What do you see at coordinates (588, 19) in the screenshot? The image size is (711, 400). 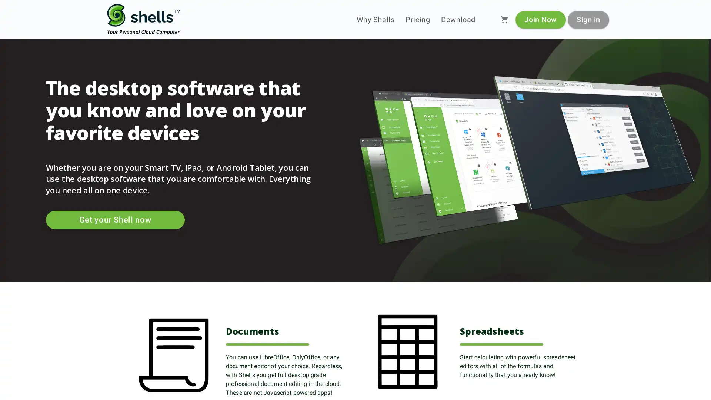 I see `Sign in` at bounding box center [588, 19].